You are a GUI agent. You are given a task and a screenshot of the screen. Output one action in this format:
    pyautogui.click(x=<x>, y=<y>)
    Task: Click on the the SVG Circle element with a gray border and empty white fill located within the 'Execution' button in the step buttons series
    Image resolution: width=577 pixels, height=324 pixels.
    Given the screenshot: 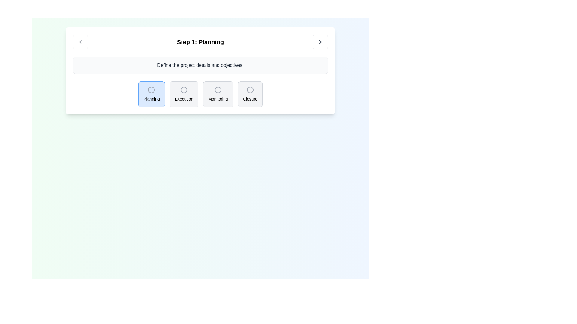 What is the action you would take?
    pyautogui.click(x=184, y=90)
    